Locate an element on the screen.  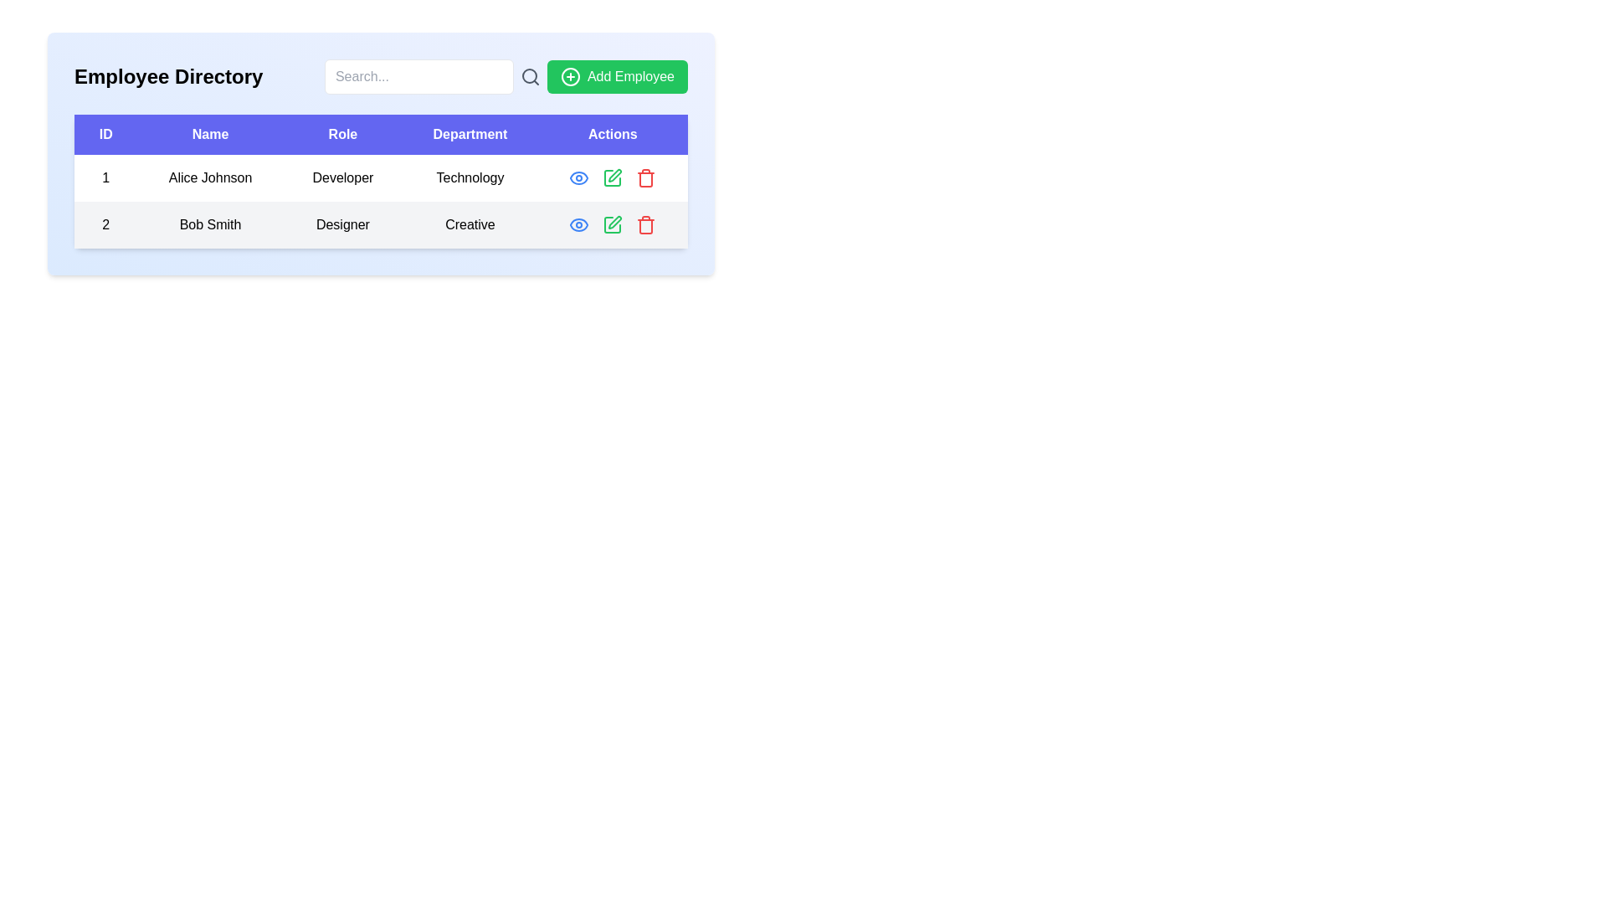
the edit button located in the 'Actions' column for the row corresponding to 'Bob Smith, Designer, Creative', positioned between the blue 'eye' icon and the red 'trash' icon is located at coordinates (612, 224).